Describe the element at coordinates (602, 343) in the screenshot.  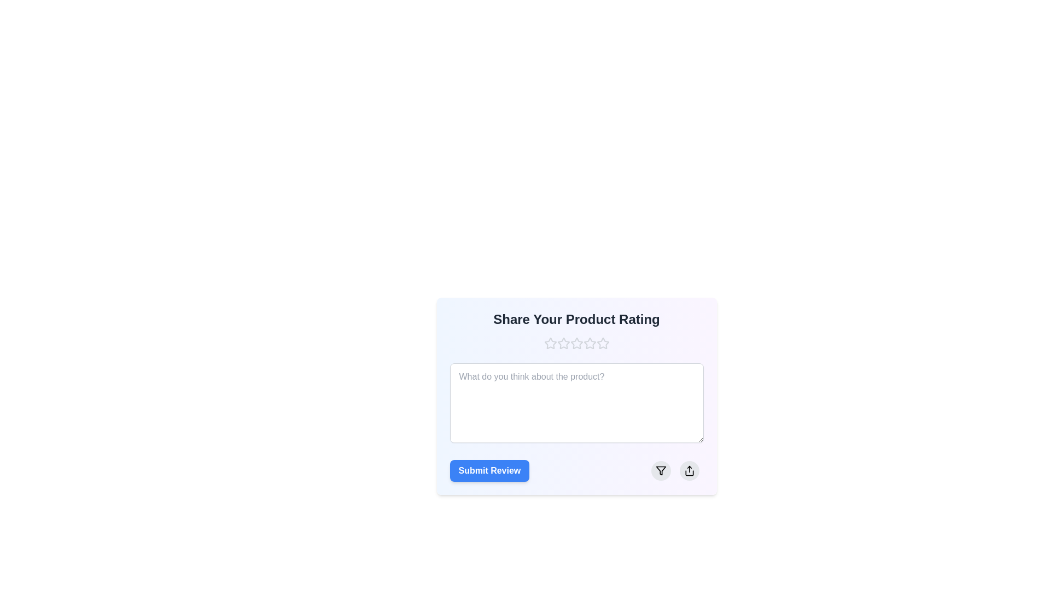
I see `the fifth interactive star icon in the 'Share Your Product Rating' section, which is outlined in gray and part of a horizontal sequence of five stars` at that location.